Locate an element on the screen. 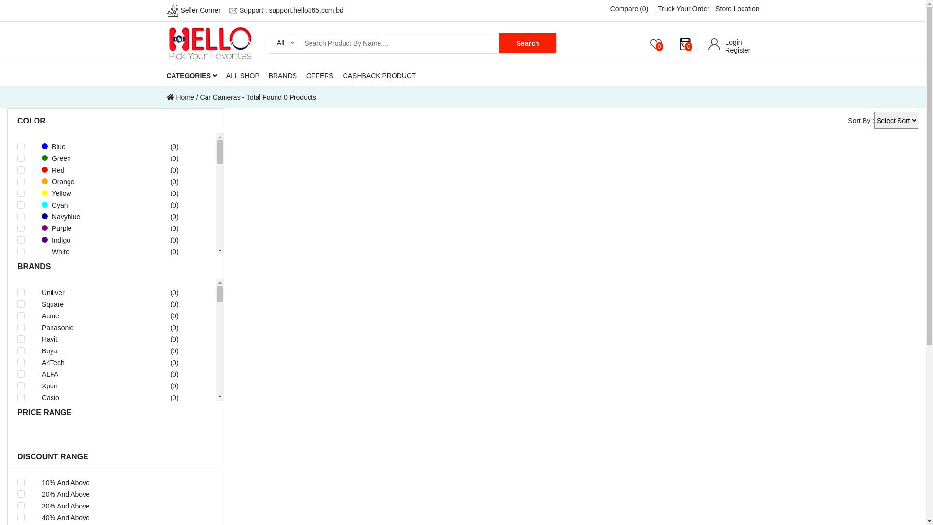  'A4Tech' is located at coordinates (91, 362).